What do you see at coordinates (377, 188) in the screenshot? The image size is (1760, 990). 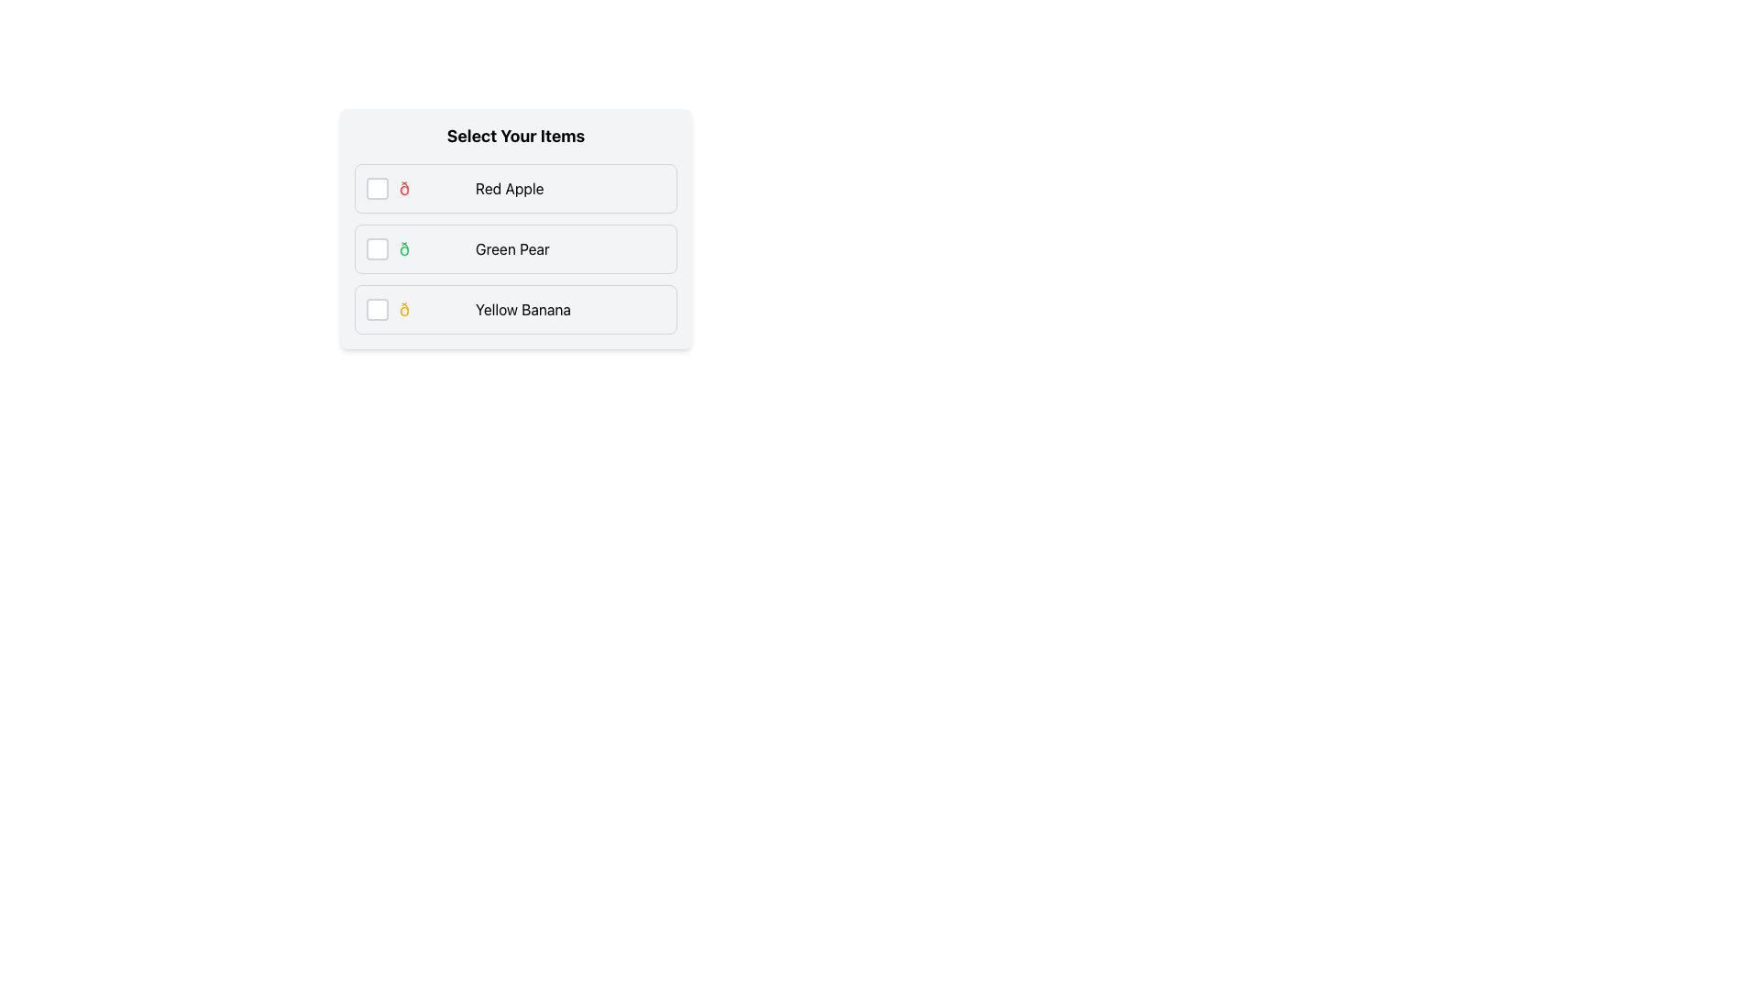 I see `the checkbox for the 'Red Apple' option` at bounding box center [377, 188].